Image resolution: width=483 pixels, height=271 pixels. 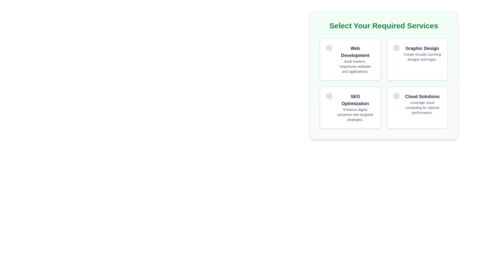 I want to click on title 'Cloud Solutions' from the bold text label located in the bottom-right card of the service options grid, so click(x=422, y=97).